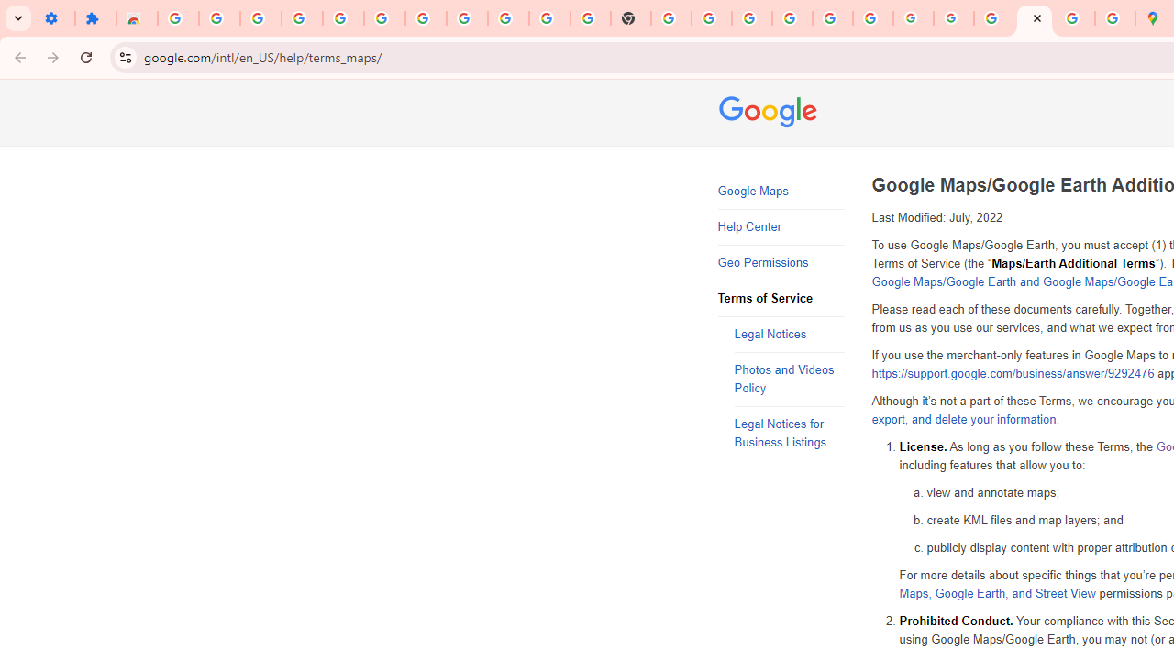  Describe the element at coordinates (85, 56) in the screenshot. I see `'Reload'` at that location.